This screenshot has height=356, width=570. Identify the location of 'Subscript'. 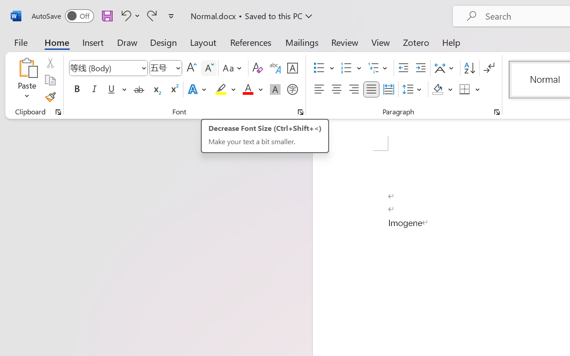
(156, 89).